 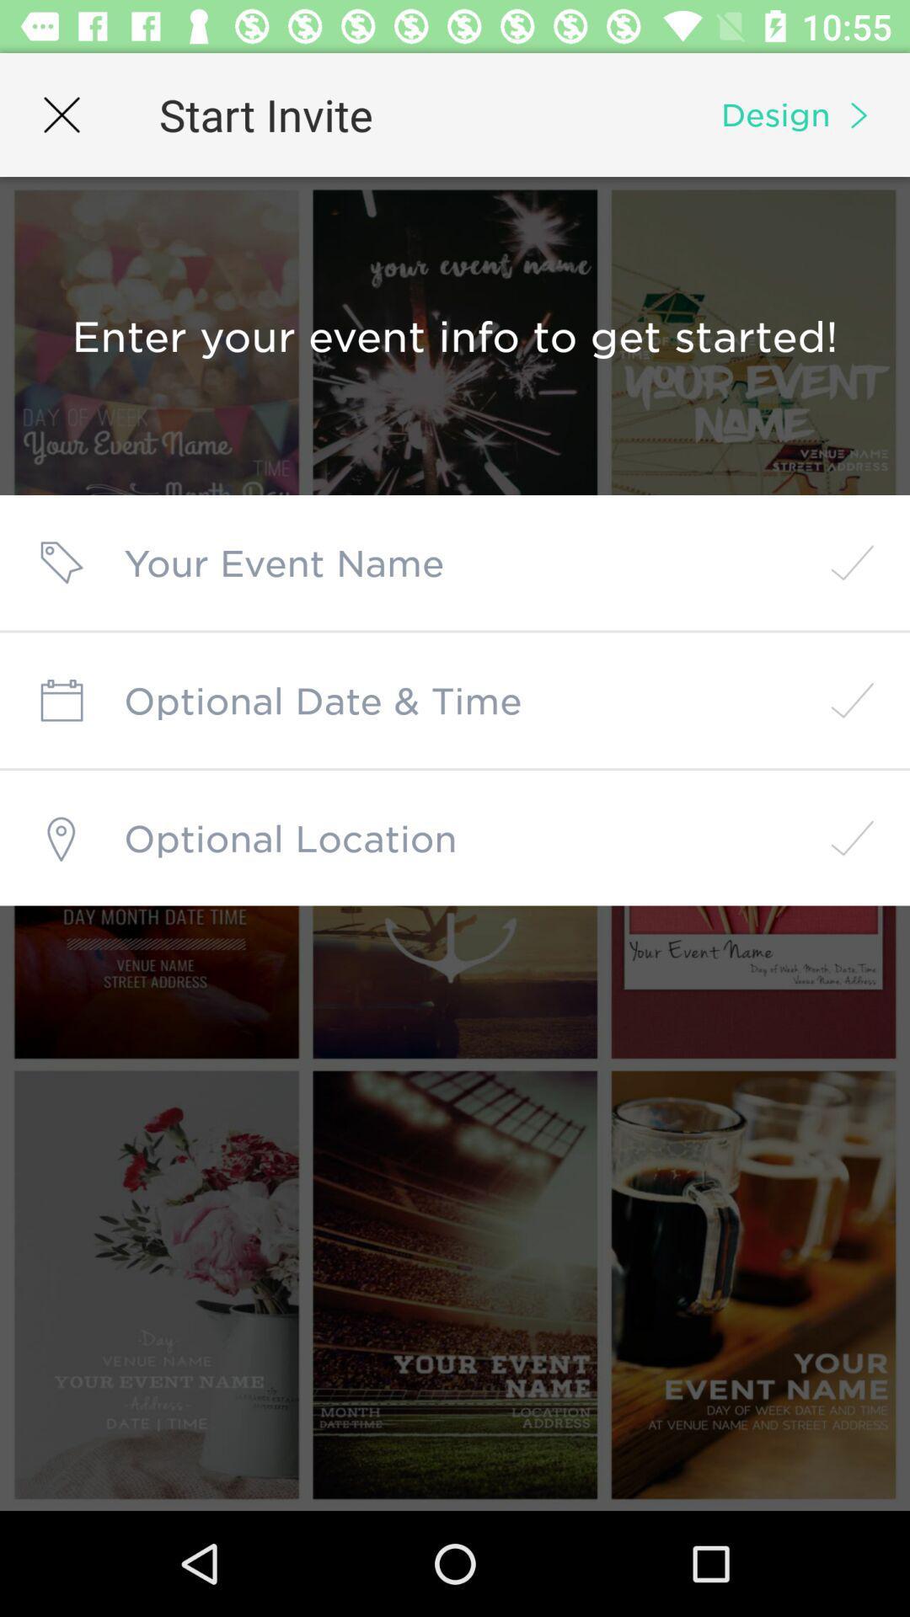 What do you see at coordinates (455, 563) in the screenshot?
I see `the event` at bounding box center [455, 563].